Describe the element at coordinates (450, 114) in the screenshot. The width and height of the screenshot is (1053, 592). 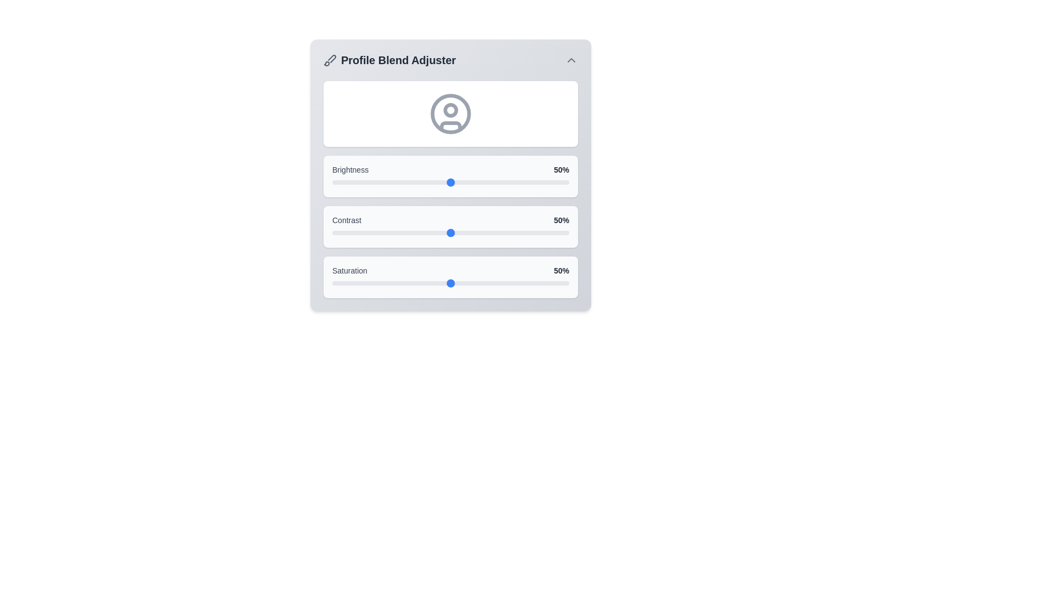
I see `the circular user profile icon located at the top of the 'Profile Blend Adjuster' section, which is centered above the sliders for 'Brightness,' 'Contrast,' and 'Saturation.'` at that location.